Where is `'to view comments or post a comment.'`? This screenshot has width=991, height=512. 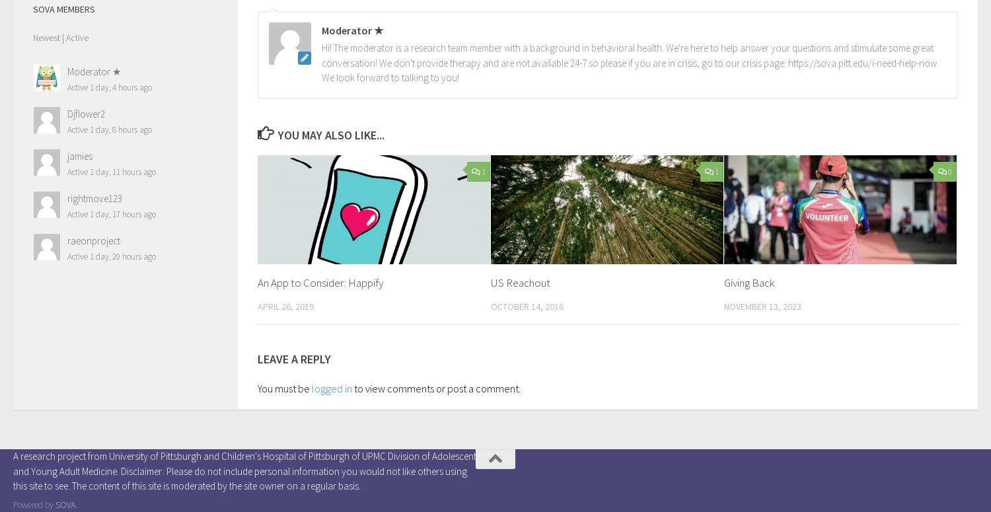
'to view comments or post a comment.' is located at coordinates (436, 387).